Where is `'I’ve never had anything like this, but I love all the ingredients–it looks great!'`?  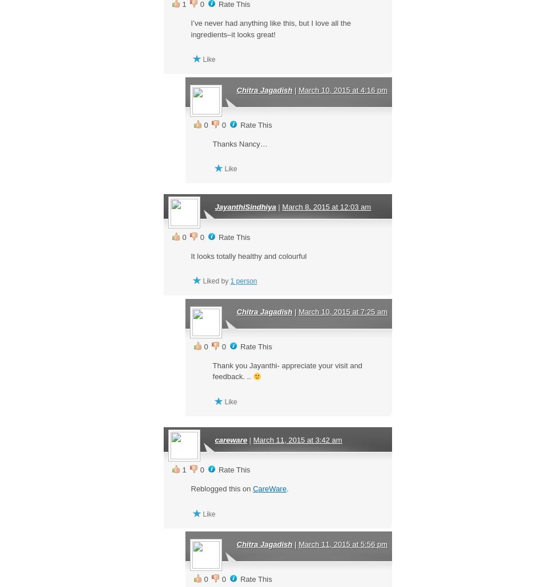 'I’ve never had anything like this, but I love all the ingredients–it looks great!' is located at coordinates (271, 28).